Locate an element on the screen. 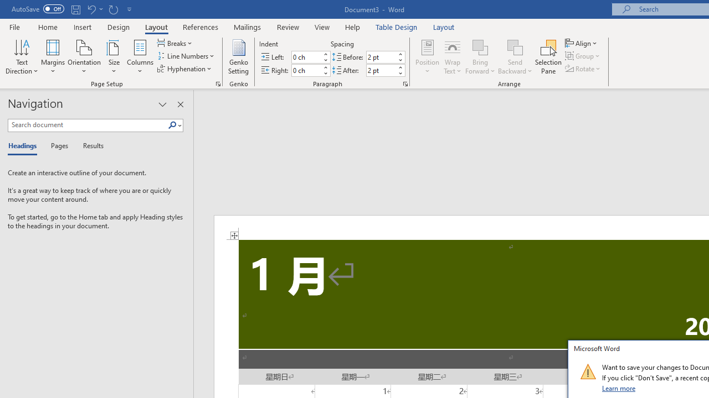 The width and height of the screenshot is (709, 398). 'Position' is located at coordinates (427, 57).